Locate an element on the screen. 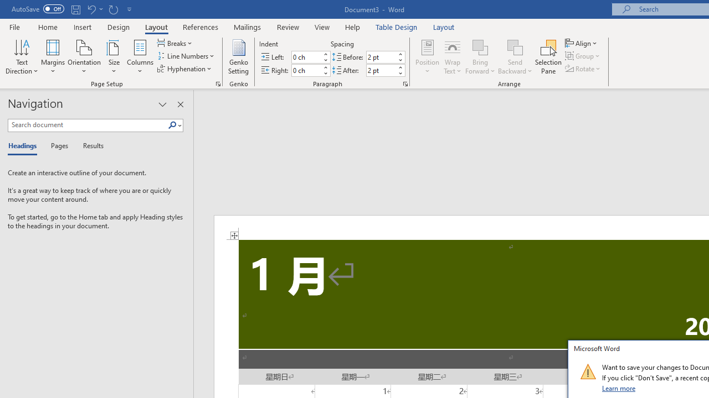 The width and height of the screenshot is (709, 398). 'Position' is located at coordinates (427, 57).